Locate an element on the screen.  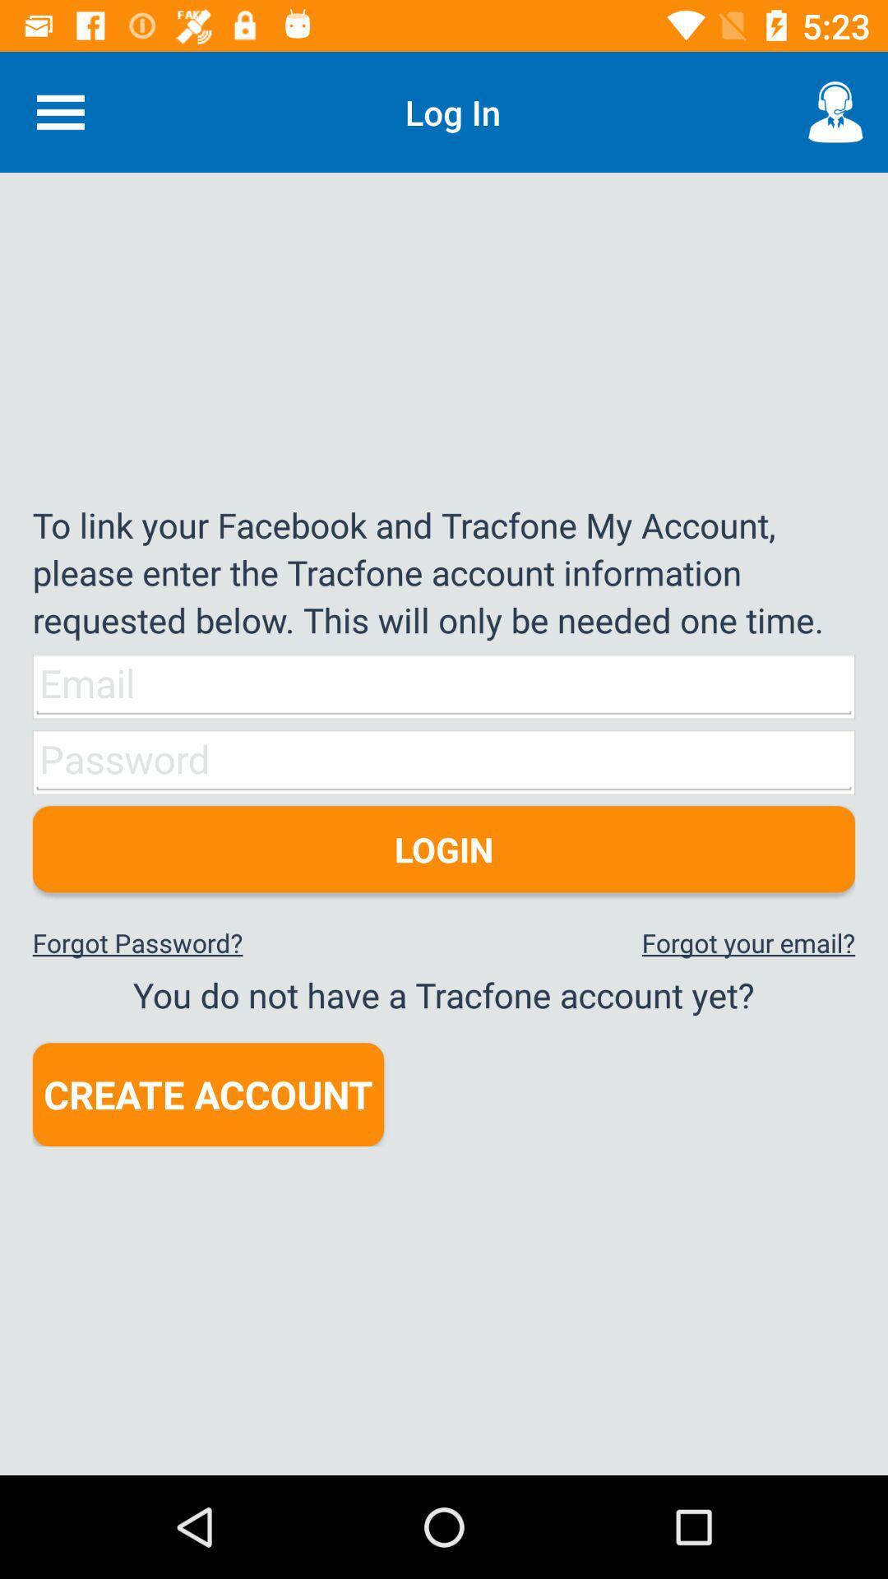
item next to the log in icon is located at coordinates (59, 111).